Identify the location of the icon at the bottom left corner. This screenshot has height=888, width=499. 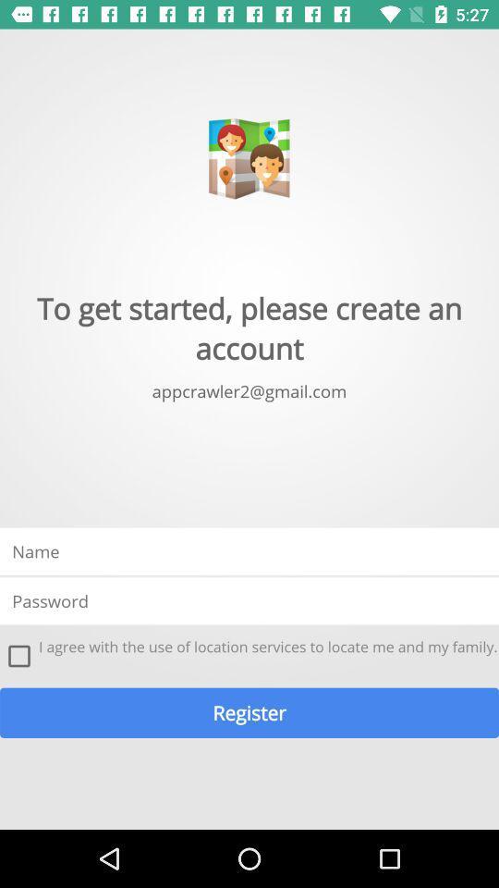
(18, 656).